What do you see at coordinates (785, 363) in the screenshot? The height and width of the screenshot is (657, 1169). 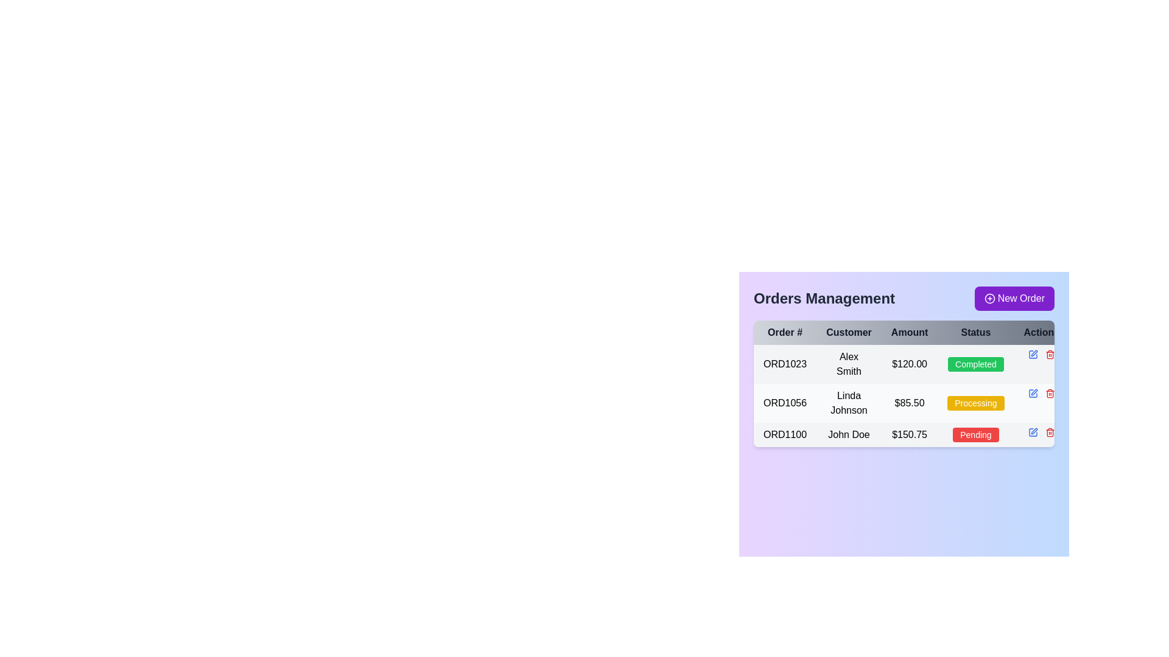 I see `the text label representing order number 'ORD1023' in the first column of the orders management table` at bounding box center [785, 363].